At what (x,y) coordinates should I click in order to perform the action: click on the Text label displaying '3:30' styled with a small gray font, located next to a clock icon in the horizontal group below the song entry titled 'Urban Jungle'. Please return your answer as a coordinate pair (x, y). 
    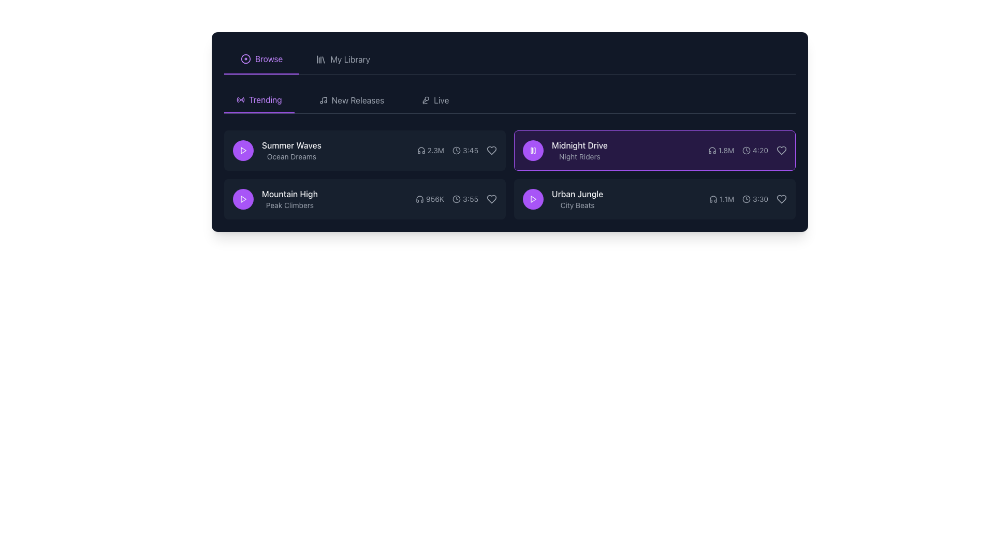
    Looking at the image, I should click on (755, 199).